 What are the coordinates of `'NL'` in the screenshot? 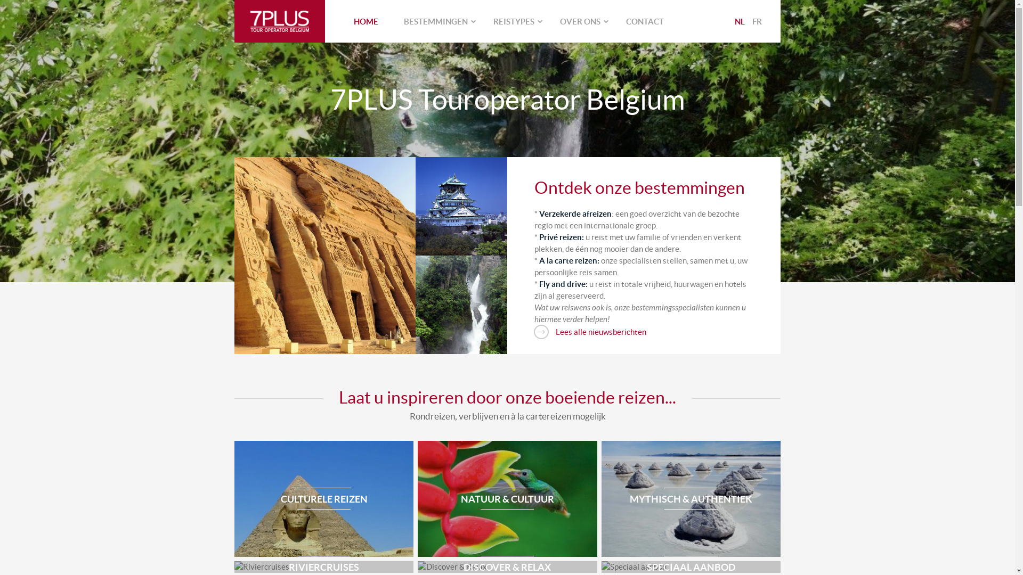 It's located at (739, 21).